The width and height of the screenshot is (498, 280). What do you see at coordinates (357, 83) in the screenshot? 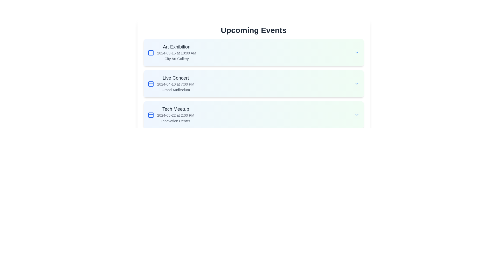
I see `the blue downward-facing chevron icon` at bounding box center [357, 83].